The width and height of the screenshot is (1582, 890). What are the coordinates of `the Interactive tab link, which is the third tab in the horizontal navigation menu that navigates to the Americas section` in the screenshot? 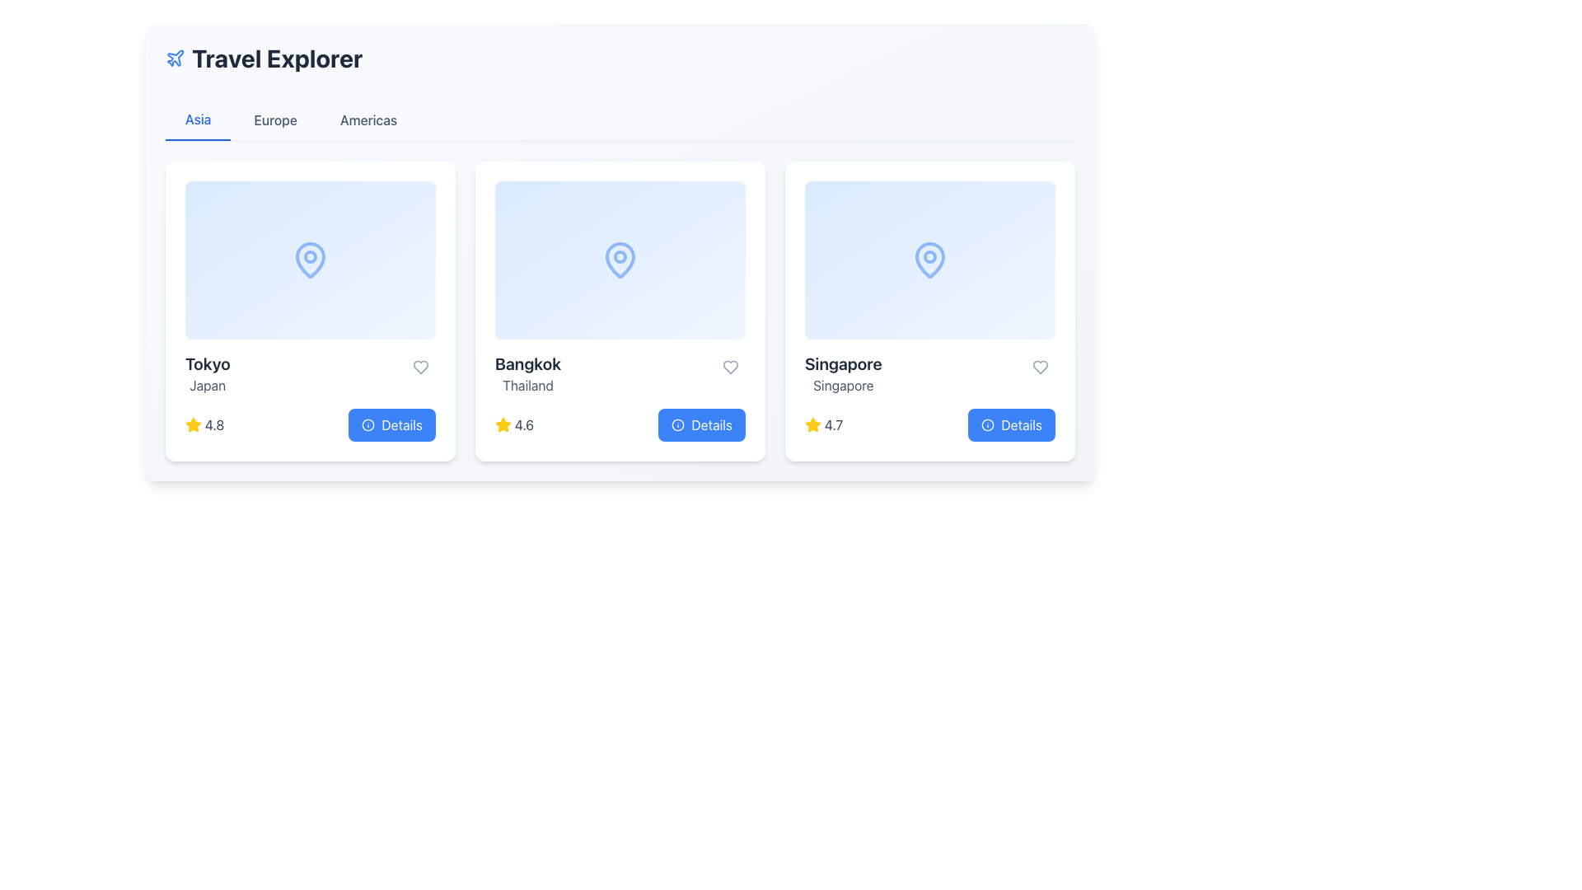 It's located at (367, 119).